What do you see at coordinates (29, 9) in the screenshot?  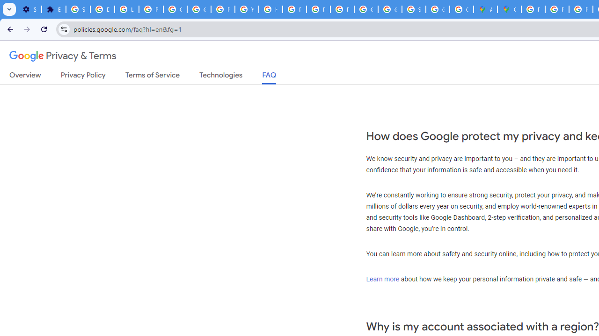 I see `'Settings - On startup'` at bounding box center [29, 9].